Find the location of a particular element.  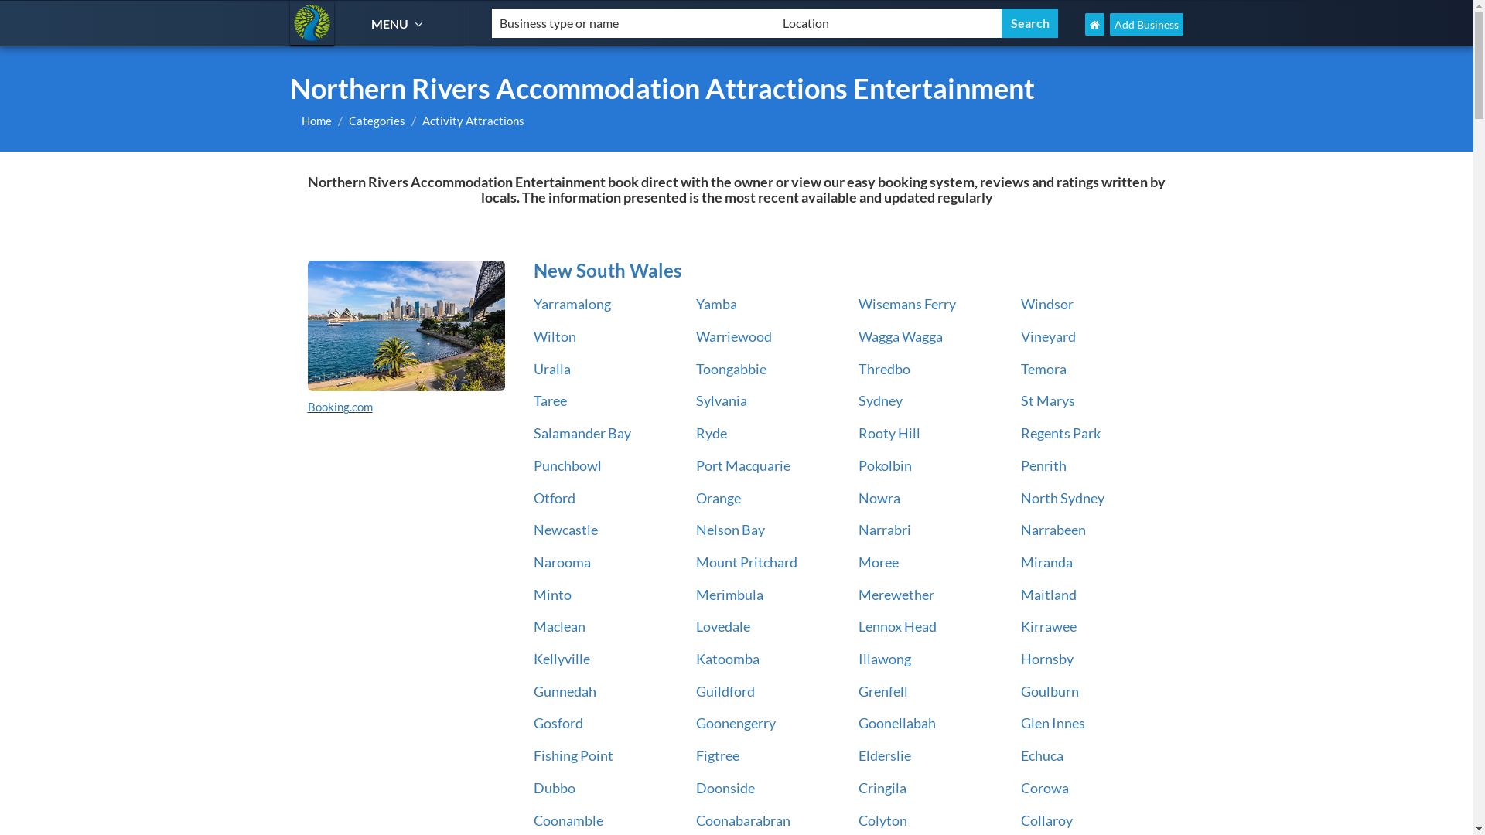

'Search' is located at coordinates (1029, 23).